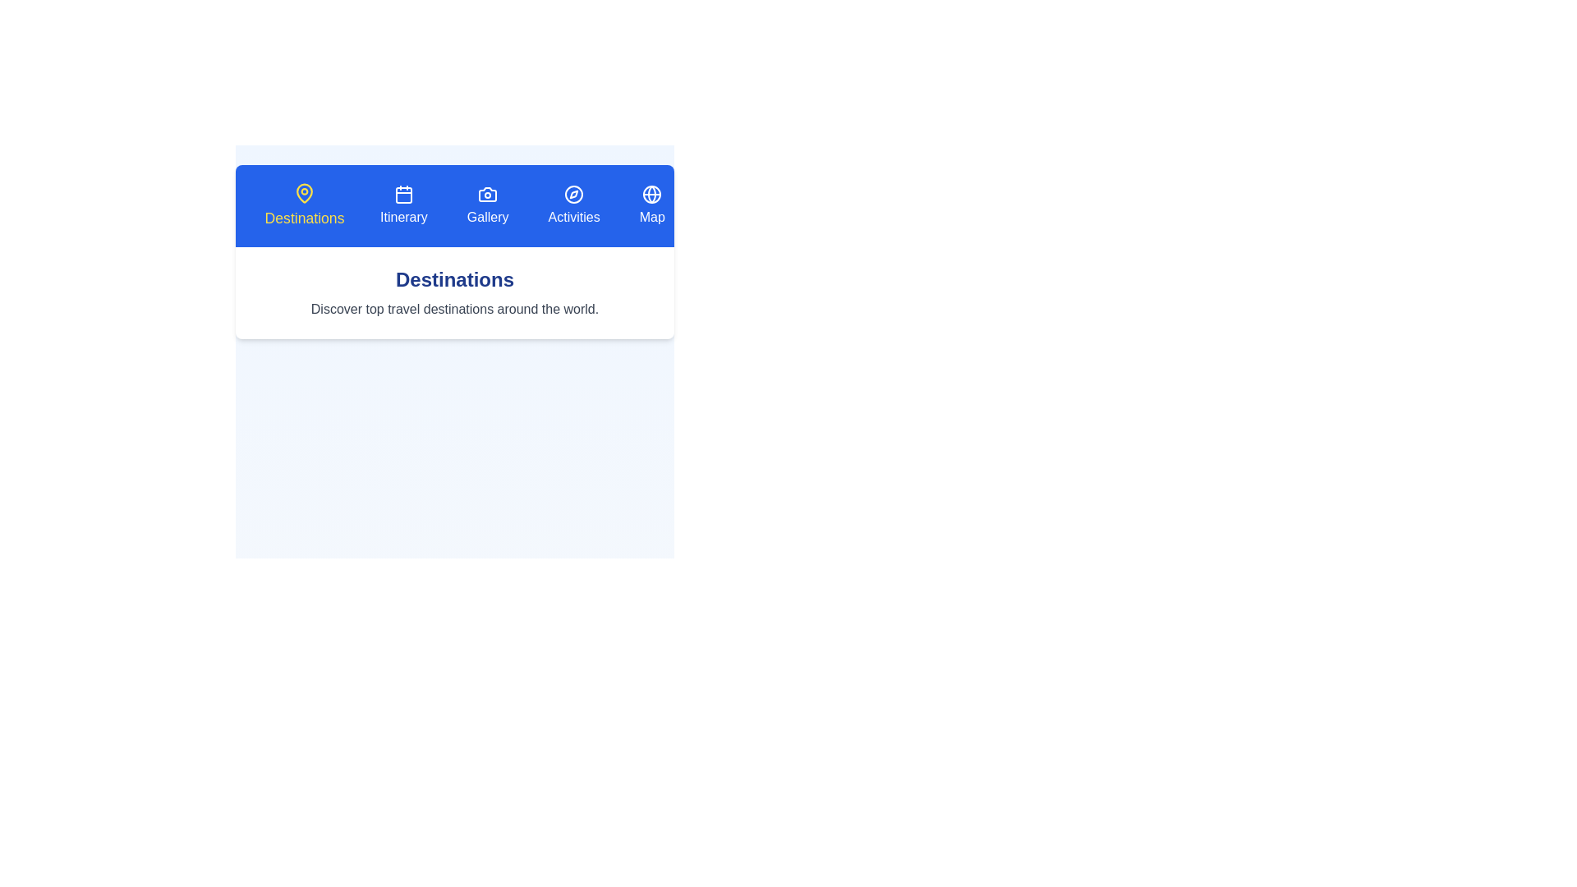 Image resolution: width=1577 pixels, height=887 pixels. What do you see at coordinates (574, 193) in the screenshot?
I see `compass needle icon, which is a graphical icon shaped like a compass needle with a sharp, angular appearance, located in the top blue navigation bar as the fourth icon from the left` at bounding box center [574, 193].